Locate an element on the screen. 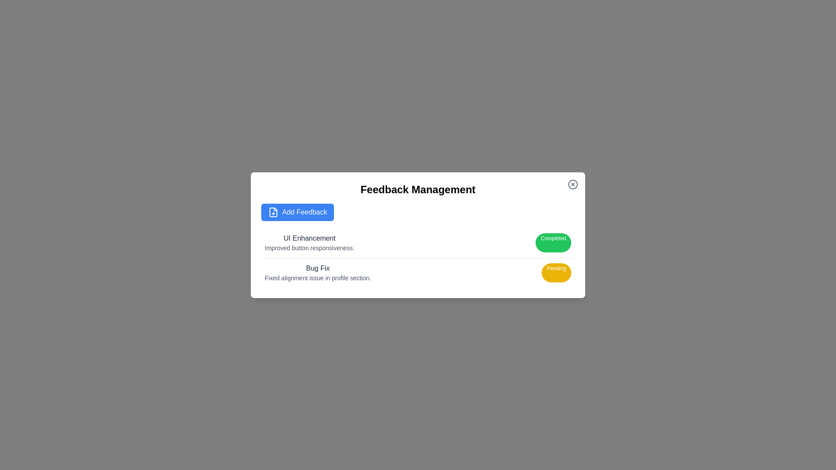 This screenshot has height=470, width=836. the text header labeled 'UI Enhancement', which is styled in medium-weight gray font and is located below the 'Add Feedback' button is located at coordinates (310, 238).